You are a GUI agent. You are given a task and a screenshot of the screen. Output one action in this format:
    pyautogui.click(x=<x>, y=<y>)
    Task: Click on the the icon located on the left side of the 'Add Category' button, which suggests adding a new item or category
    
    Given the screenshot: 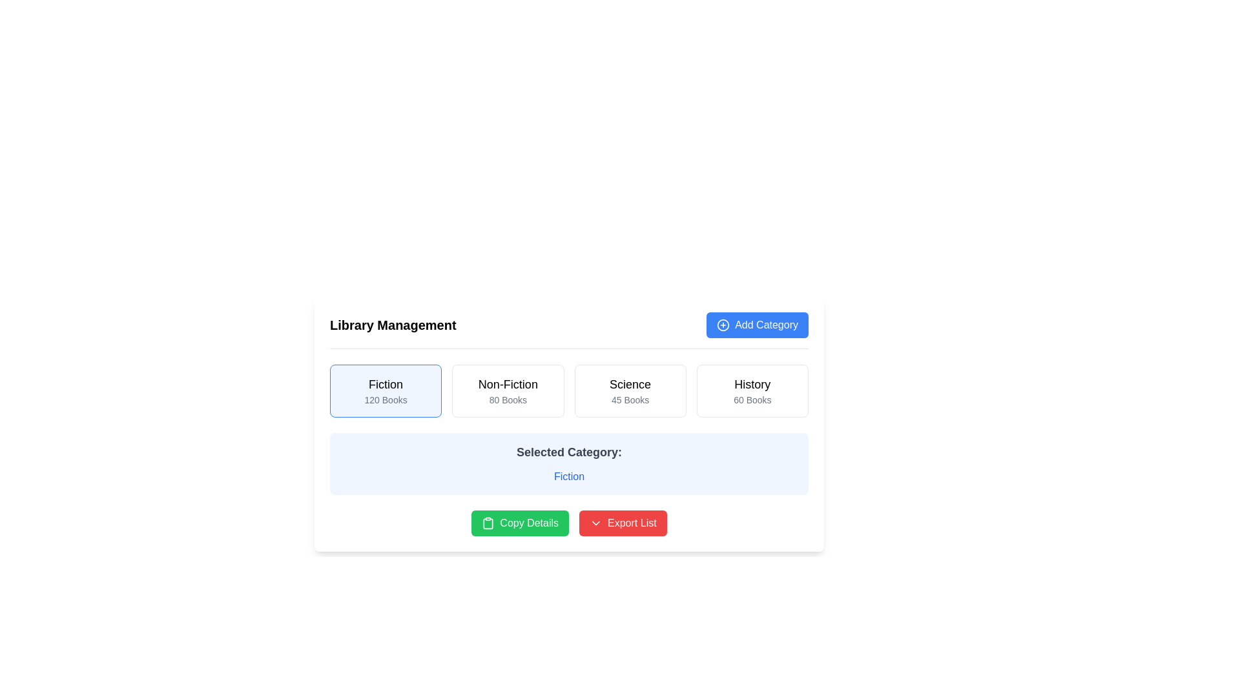 What is the action you would take?
    pyautogui.click(x=722, y=325)
    